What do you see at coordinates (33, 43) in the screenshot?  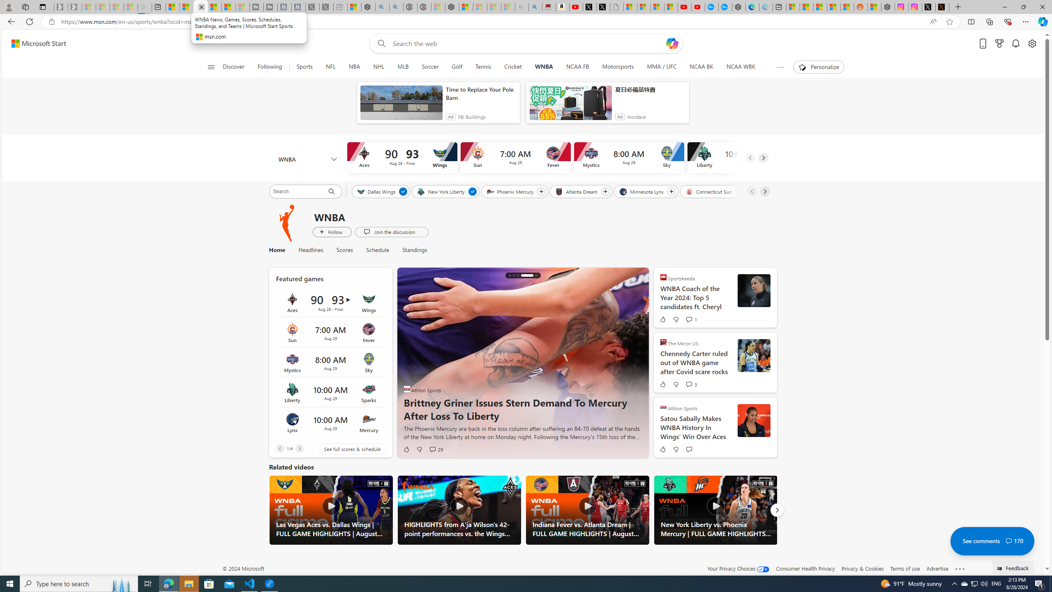 I see `'Skip to footer'` at bounding box center [33, 43].